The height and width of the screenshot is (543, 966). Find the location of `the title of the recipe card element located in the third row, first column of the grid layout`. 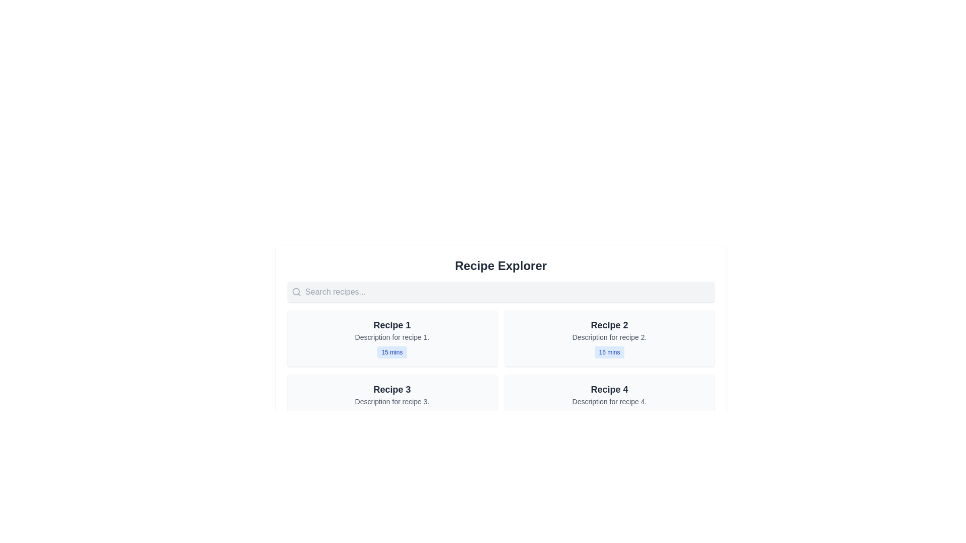

the title of the recipe card element located in the third row, first column of the grid layout is located at coordinates (391, 402).